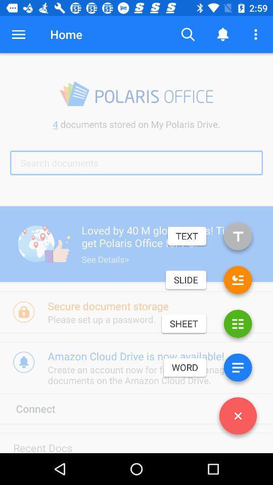  Describe the element at coordinates (44, 408) in the screenshot. I see `the icon above the recent docs` at that location.